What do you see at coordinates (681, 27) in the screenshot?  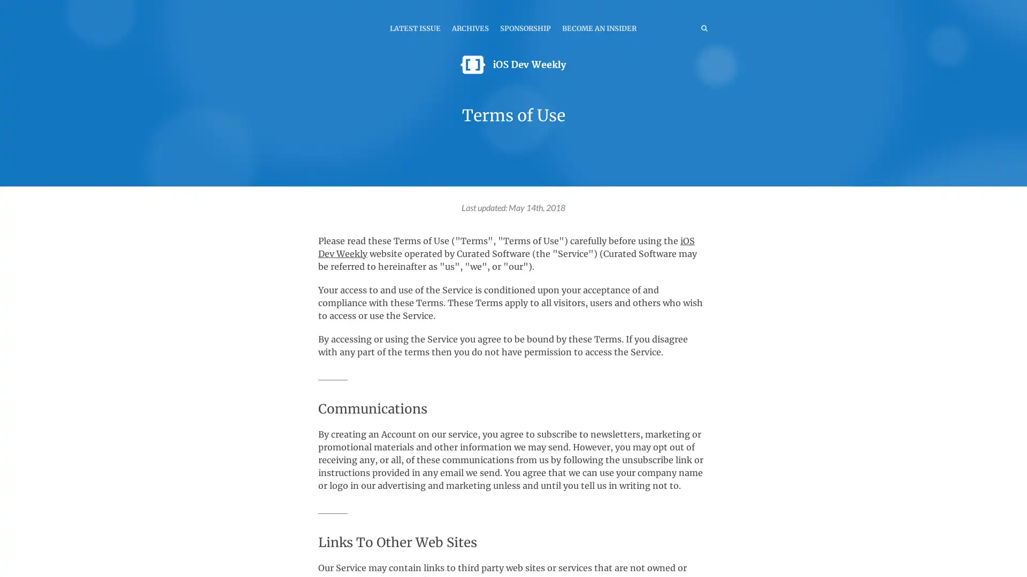 I see `SEARCH` at bounding box center [681, 27].